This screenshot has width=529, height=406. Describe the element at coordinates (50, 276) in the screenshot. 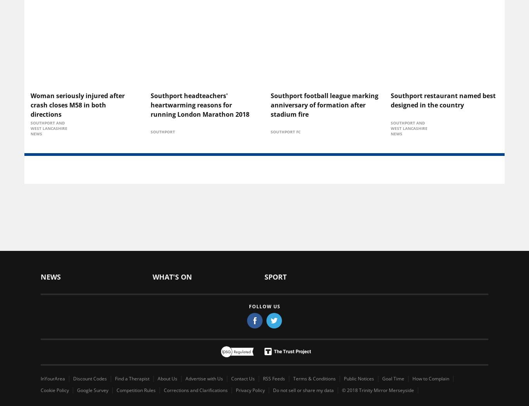

I see `'News'` at that location.